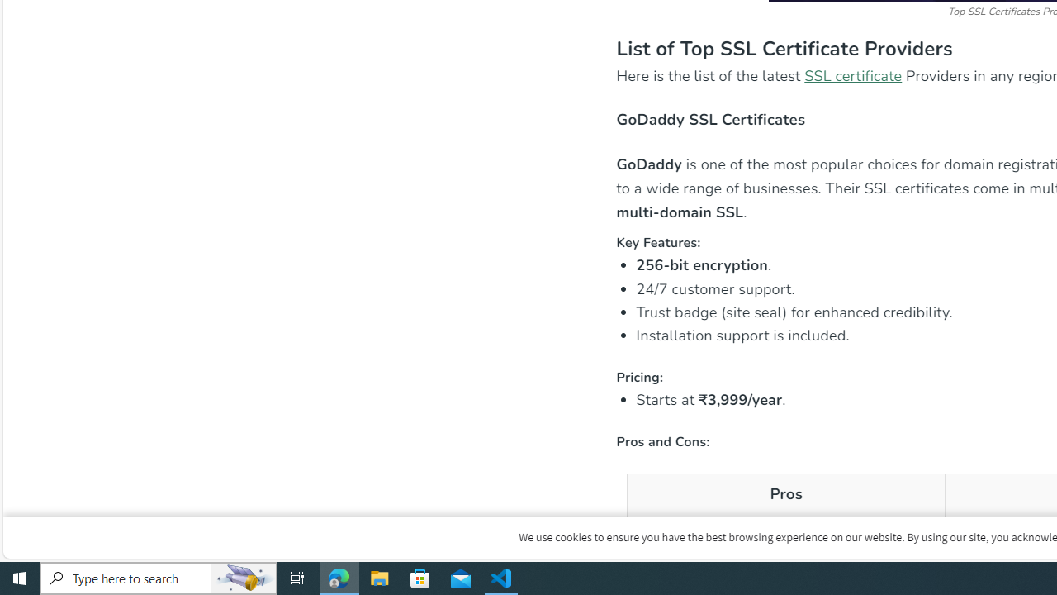  Describe the element at coordinates (853, 76) in the screenshot. I see `'SSL certificate'` at that location.